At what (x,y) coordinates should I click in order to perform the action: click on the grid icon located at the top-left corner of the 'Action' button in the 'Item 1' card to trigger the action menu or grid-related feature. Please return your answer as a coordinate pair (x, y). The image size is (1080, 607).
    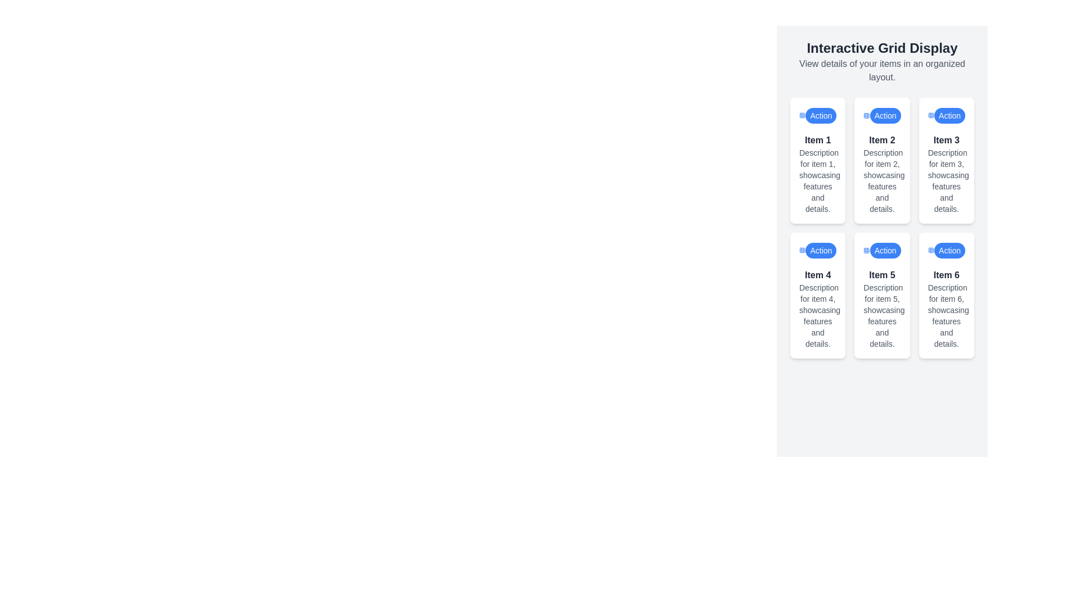
    Looking at the image, I should click on (802, 115).